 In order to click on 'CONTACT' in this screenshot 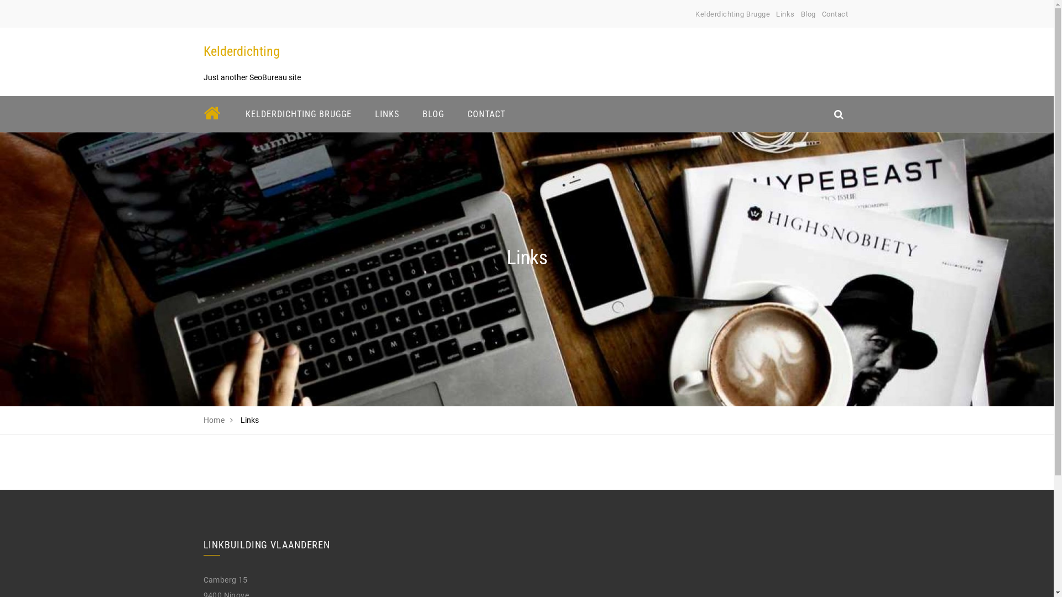, I will do `click(460, 114)`.